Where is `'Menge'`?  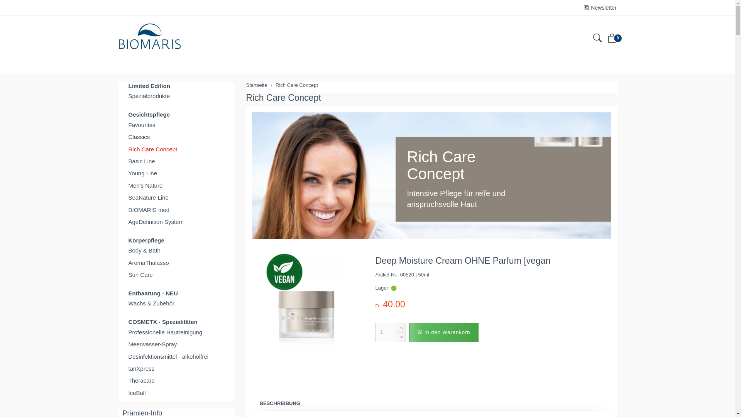 'Menge' is located at coordinates (386, 332).